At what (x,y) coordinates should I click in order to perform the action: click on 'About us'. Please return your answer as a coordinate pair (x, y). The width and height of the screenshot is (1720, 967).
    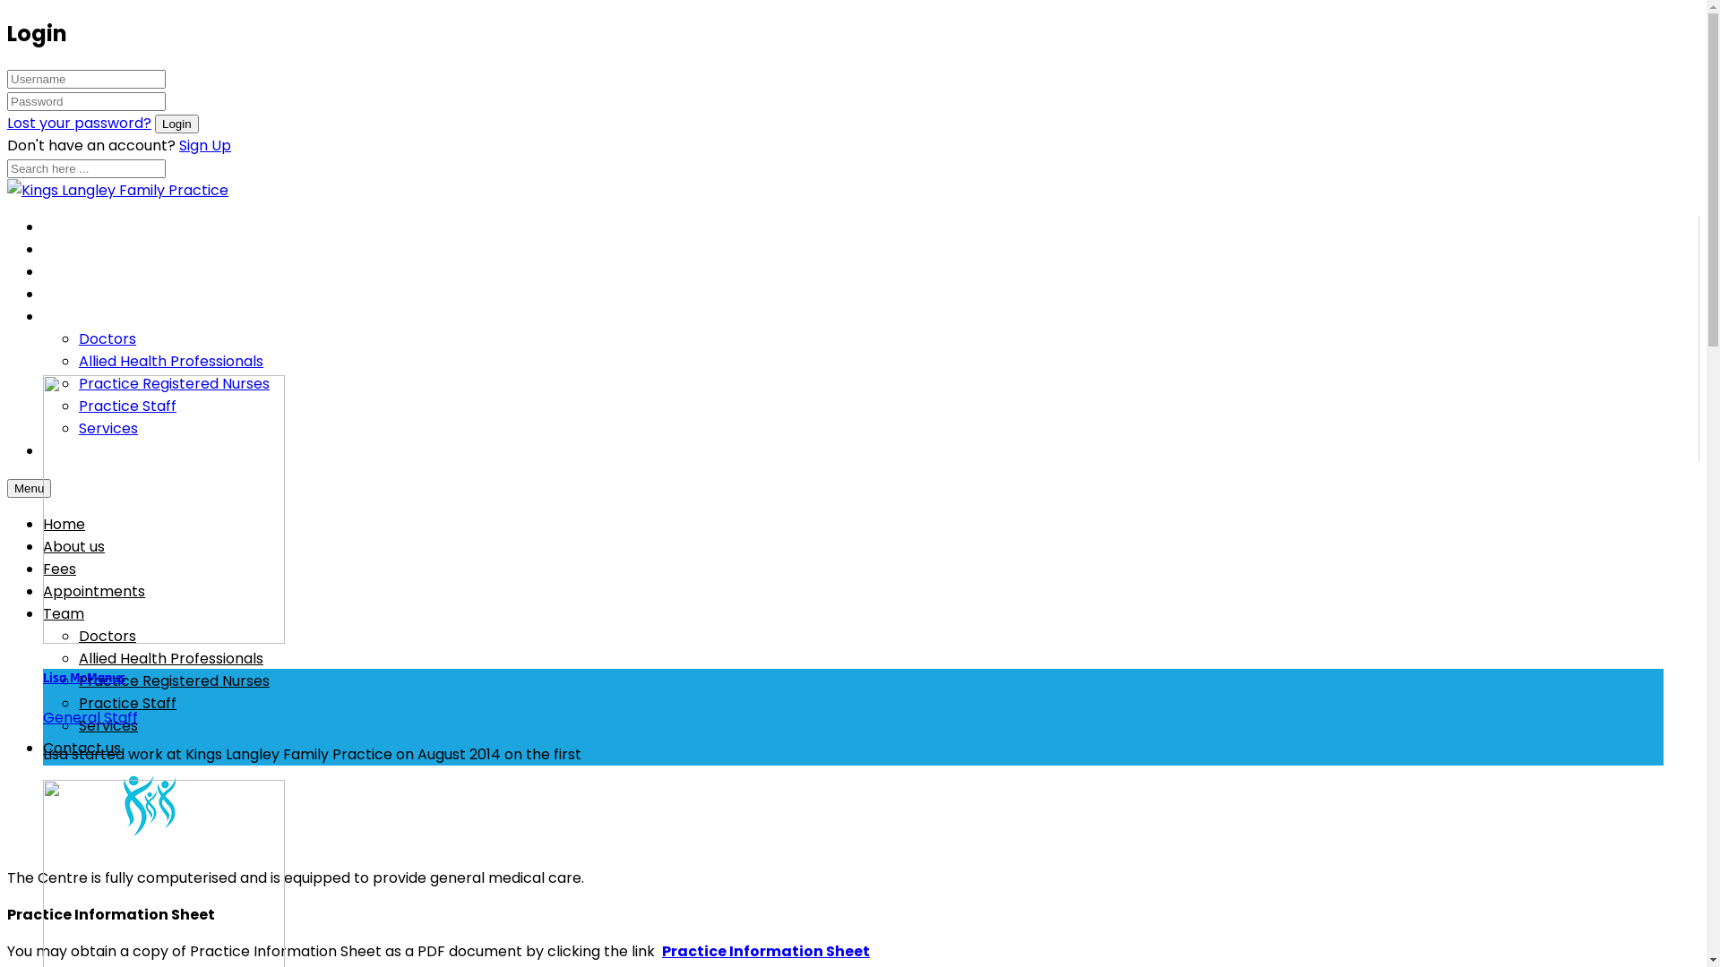
    Looking at the image, I should click on (73, 545).